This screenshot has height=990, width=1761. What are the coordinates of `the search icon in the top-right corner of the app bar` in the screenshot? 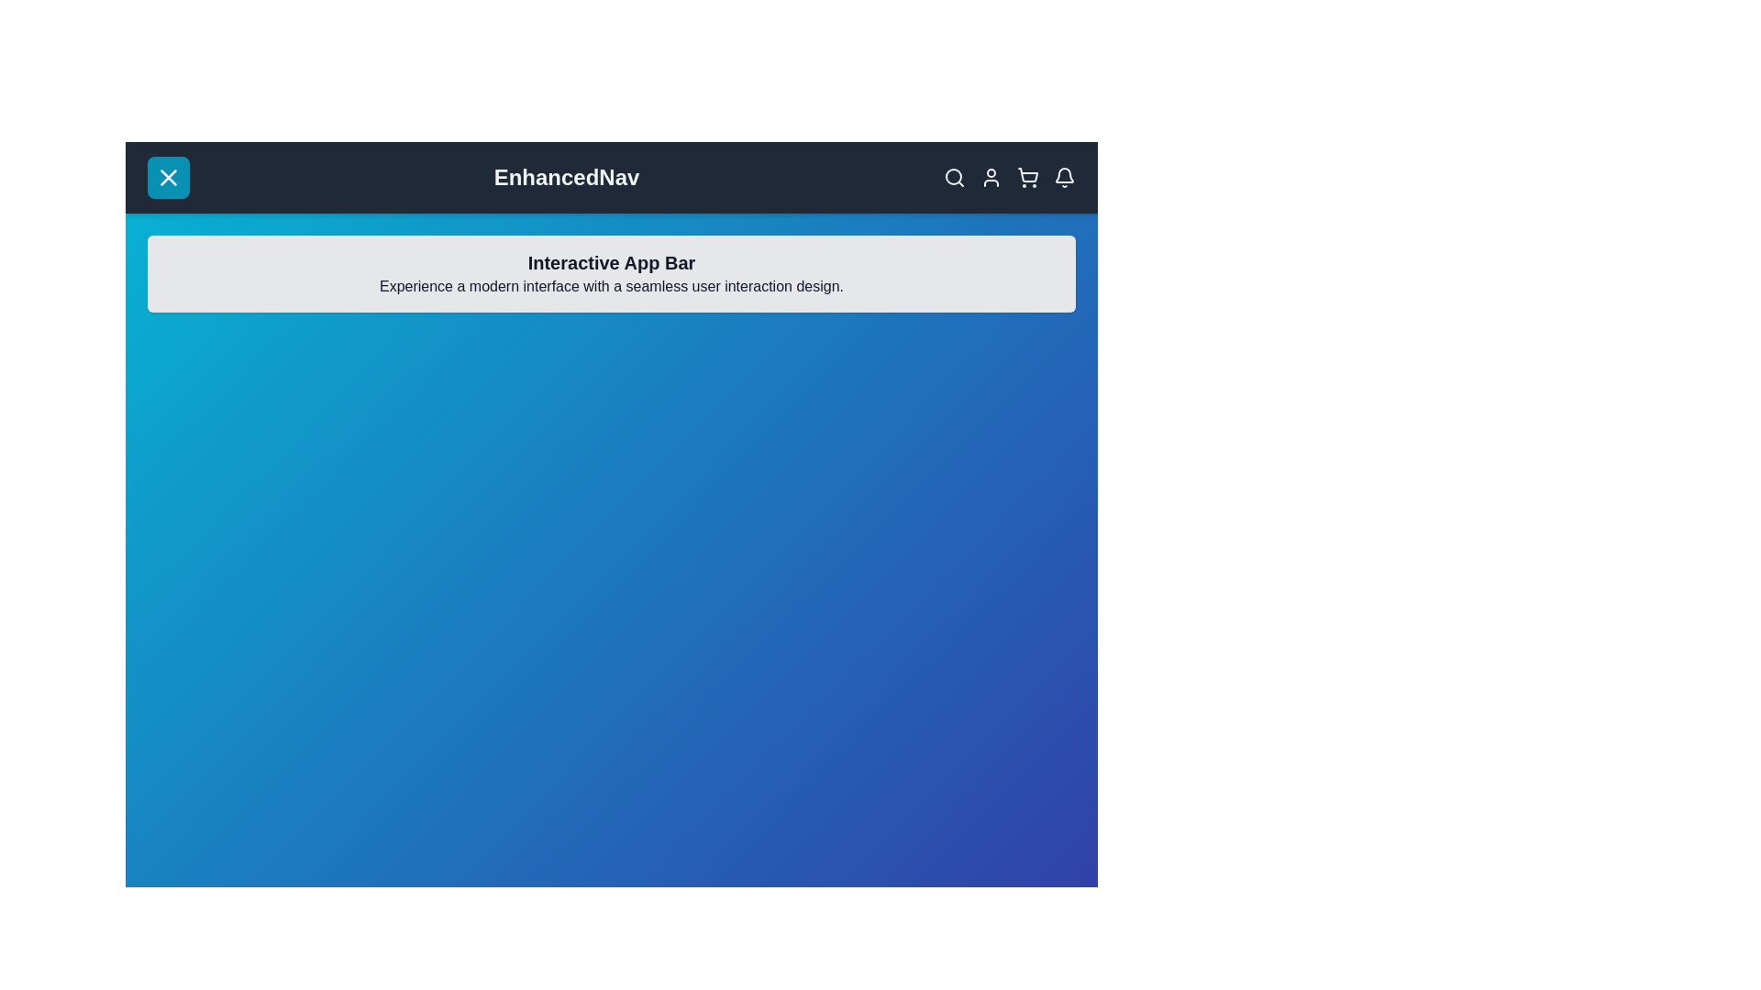 It's located at (954, 177).